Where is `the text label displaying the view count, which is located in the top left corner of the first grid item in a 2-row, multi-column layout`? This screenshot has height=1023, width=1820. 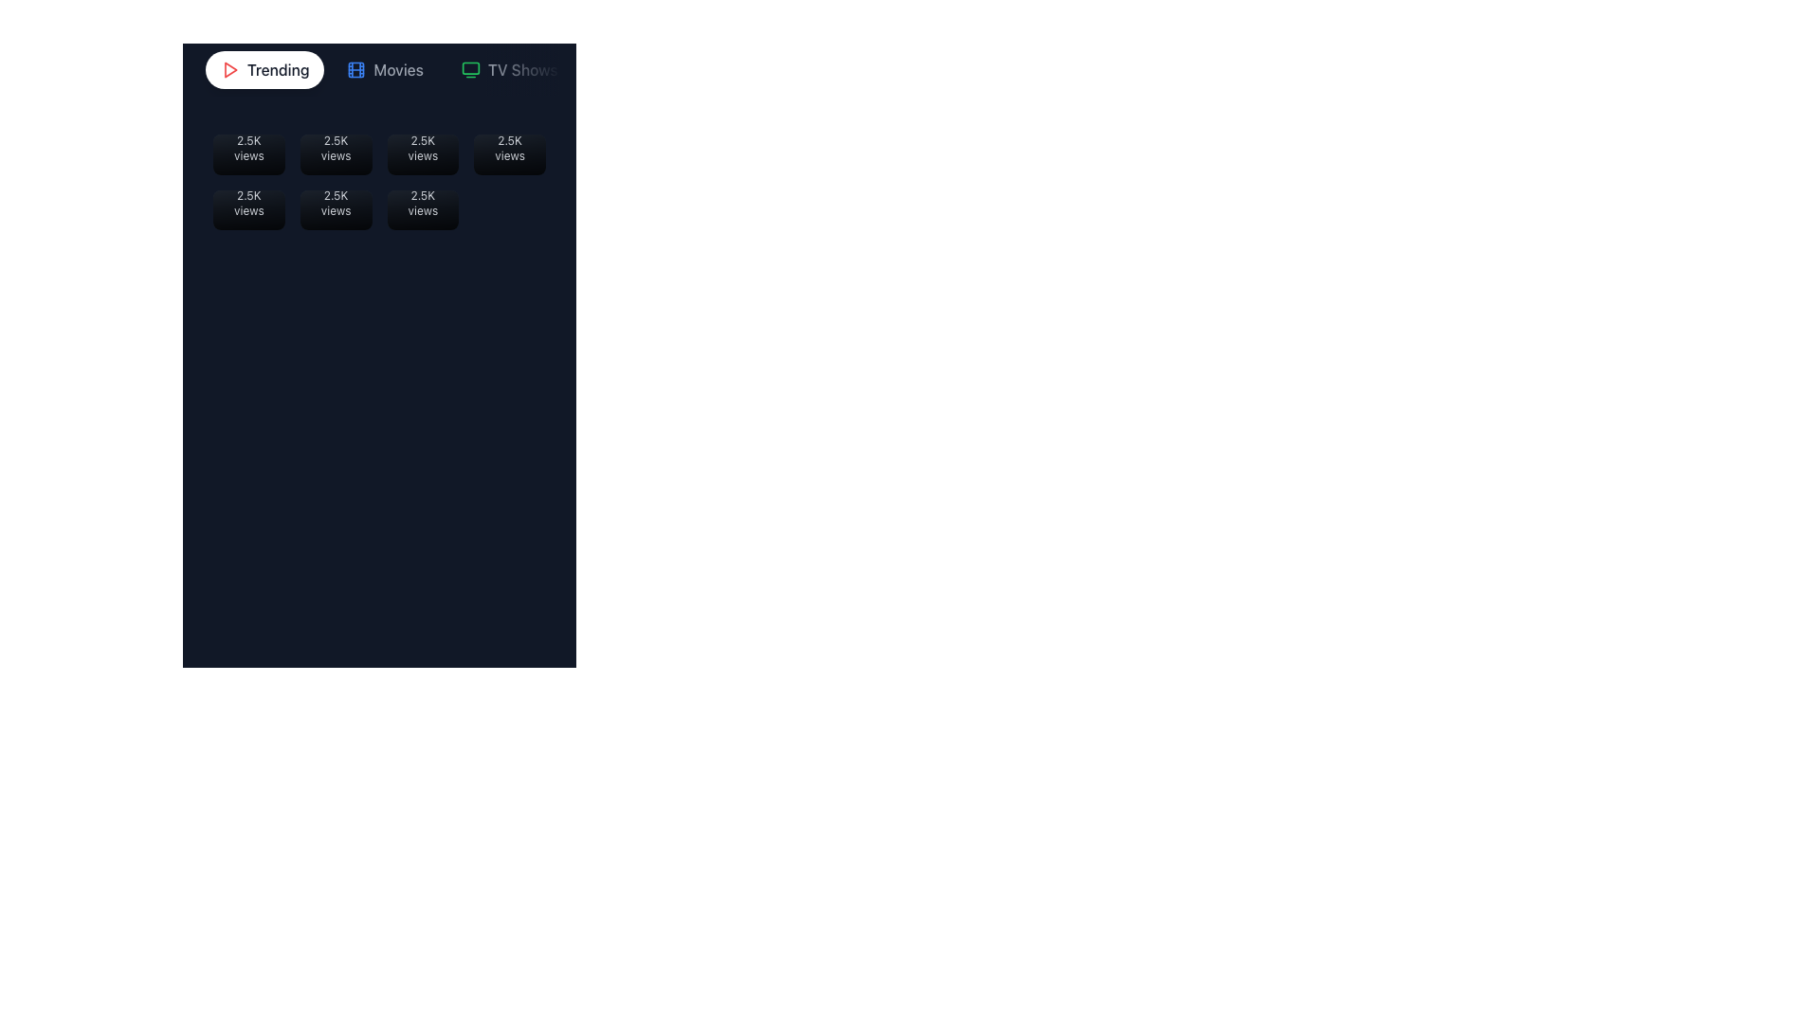
the text label displaying the view count, which is located in the top left corner of the first grid item in a 2-row, multi-column layout is located at coordinates (247, 137).